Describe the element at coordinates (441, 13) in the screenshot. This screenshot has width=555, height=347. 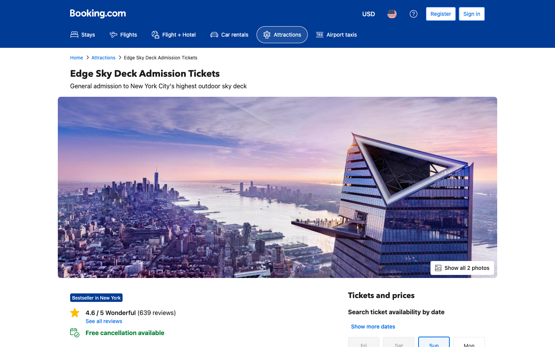
I see `a new account creation` at that location.